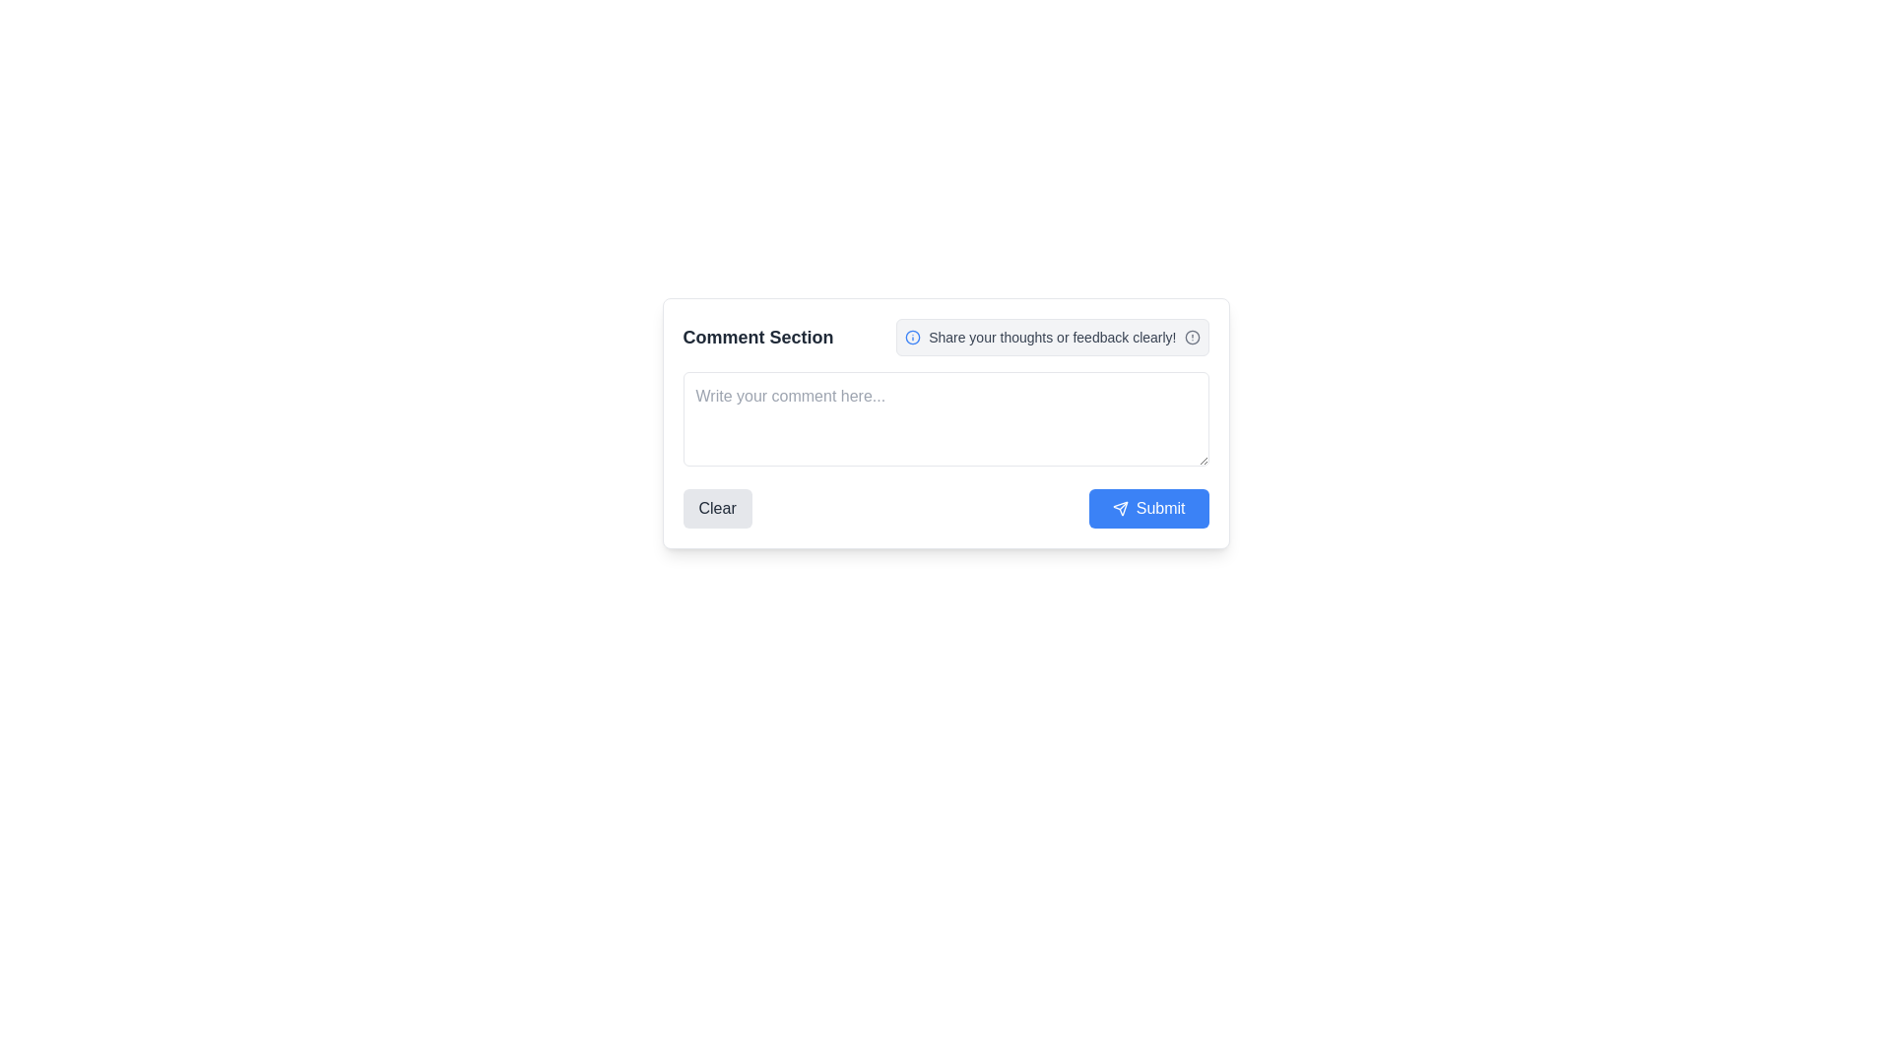 The height and width of the screenshot is (1063, 1891). I want to click on the blue rectangular 'Submit' button with rounded corners, so click(1148, 507).